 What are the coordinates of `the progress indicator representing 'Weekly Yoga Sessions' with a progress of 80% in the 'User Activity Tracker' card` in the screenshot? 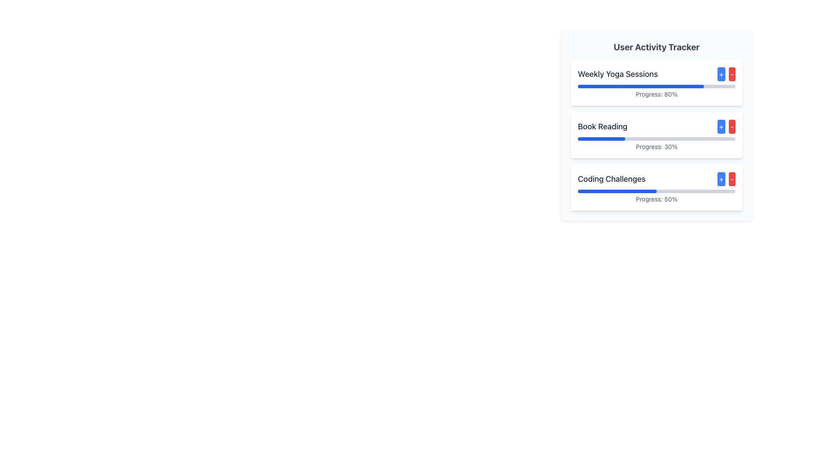 It's located at (640, 86).